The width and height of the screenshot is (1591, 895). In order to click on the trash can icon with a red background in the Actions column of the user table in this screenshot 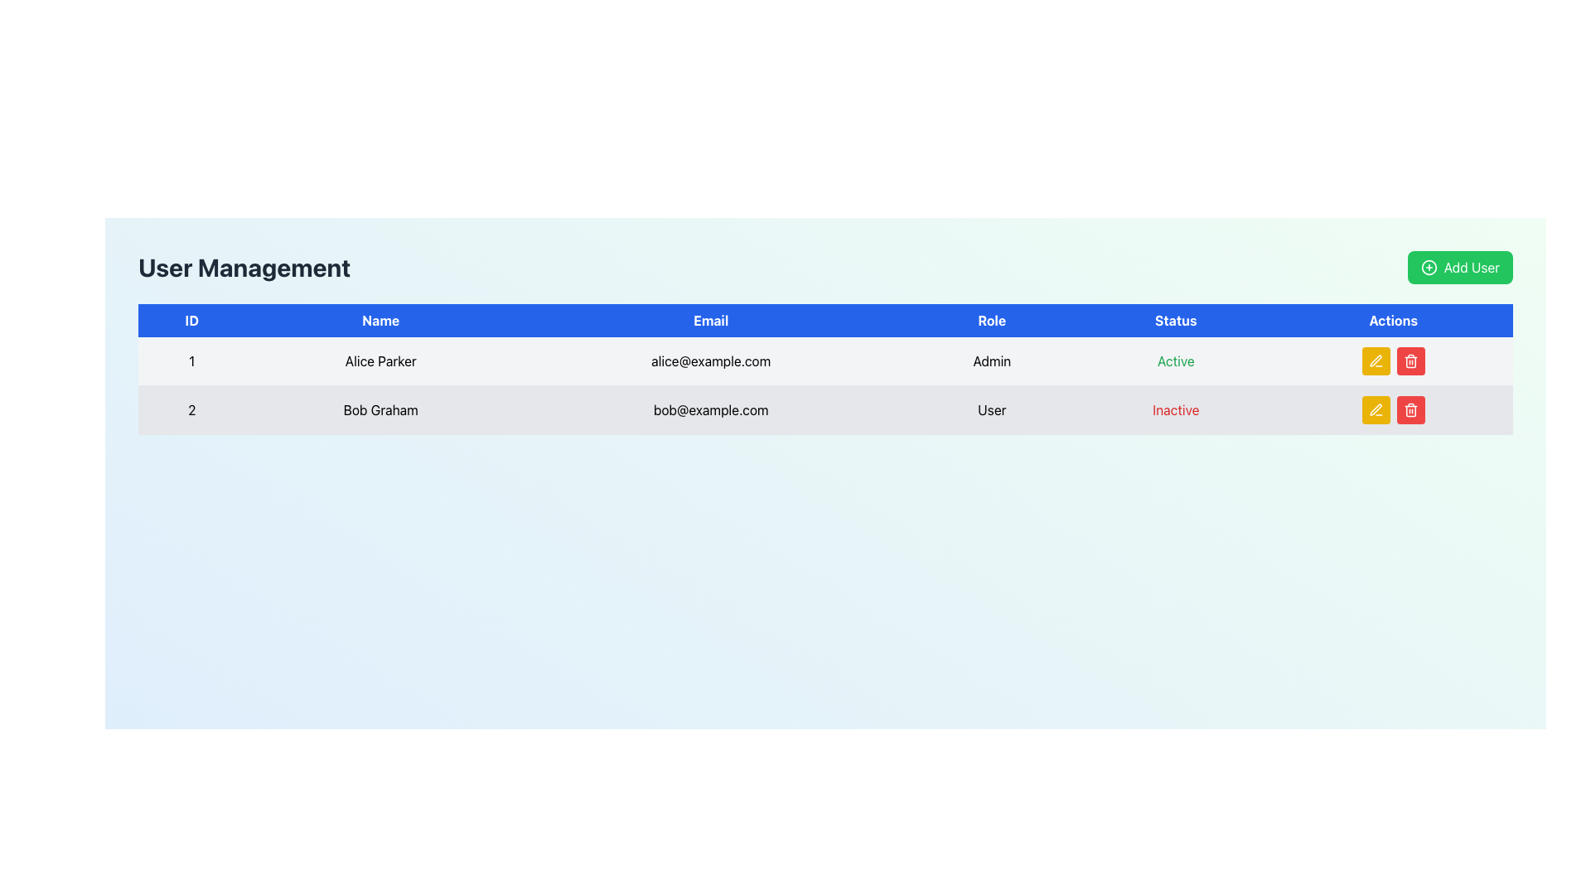, I will do `click(1410, 409)`.